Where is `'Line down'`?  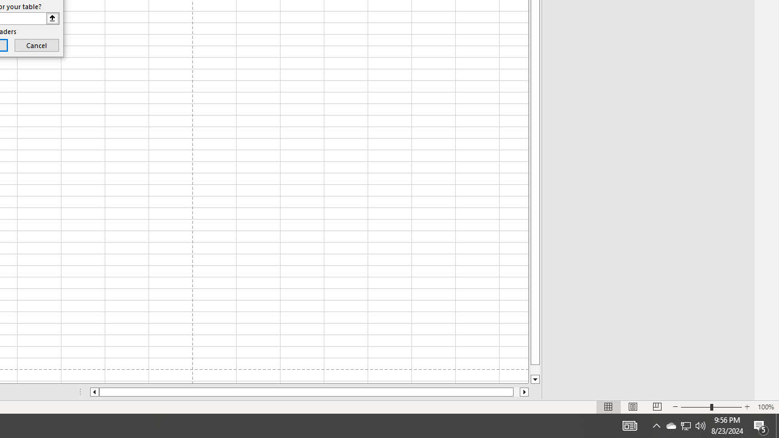 'Line down' is located at coordinates (535, 379).